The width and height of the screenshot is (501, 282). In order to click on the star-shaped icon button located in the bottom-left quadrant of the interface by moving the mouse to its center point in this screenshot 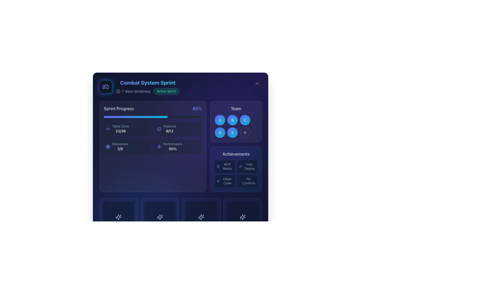, I will do `click(118, 217)`.